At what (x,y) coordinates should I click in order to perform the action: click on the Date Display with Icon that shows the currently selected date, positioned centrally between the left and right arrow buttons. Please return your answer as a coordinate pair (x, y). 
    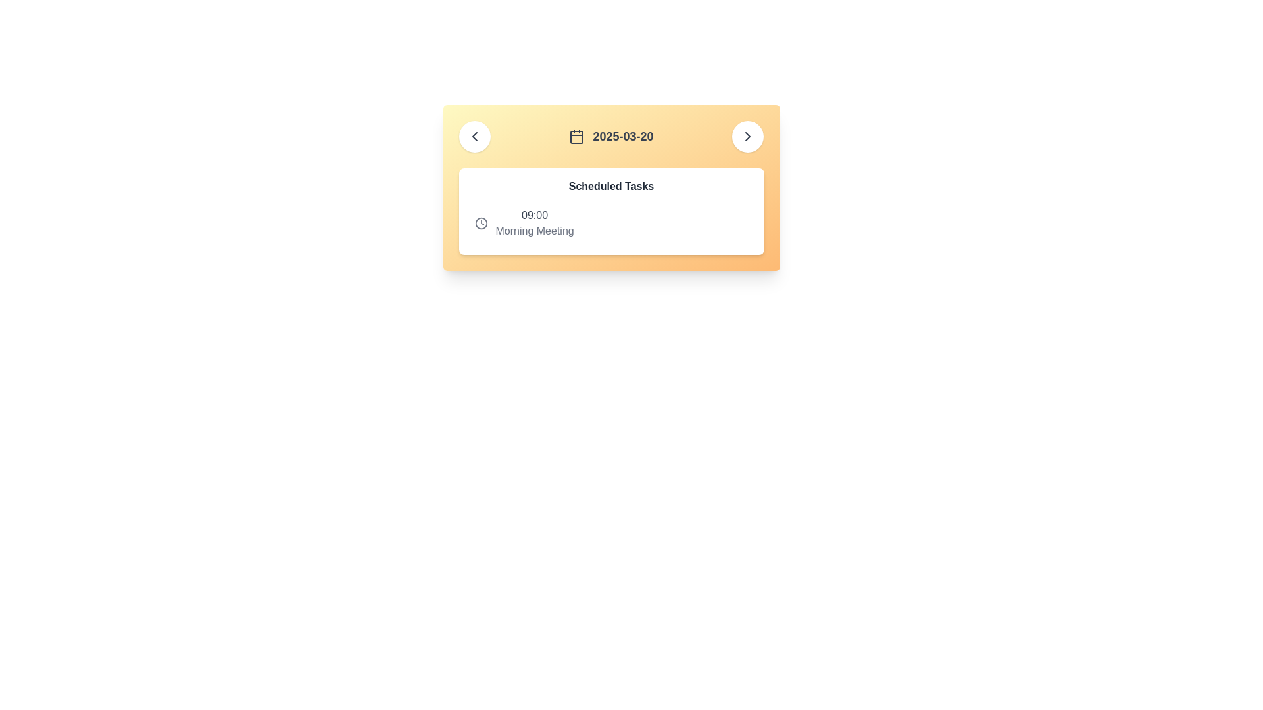
    Looking at the image, I should click on (610, 137).